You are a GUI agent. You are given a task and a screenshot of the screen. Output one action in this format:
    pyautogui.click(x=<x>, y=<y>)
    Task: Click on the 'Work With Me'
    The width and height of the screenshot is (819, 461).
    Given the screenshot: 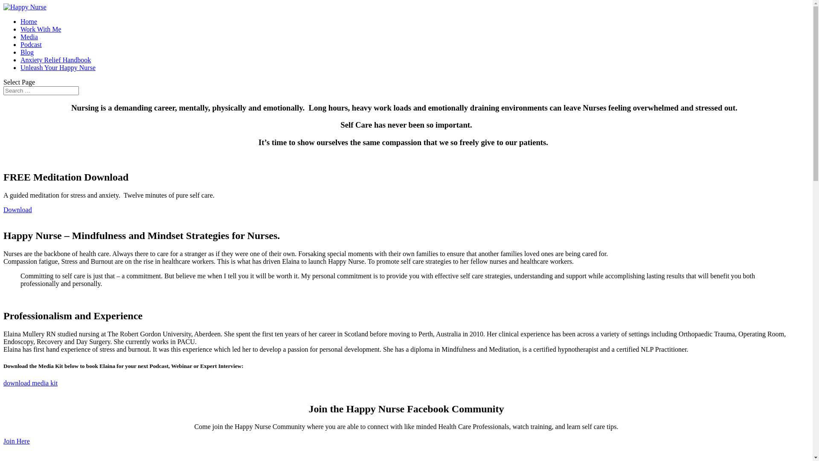 What is the action you would take?
    pyautogui.click(x=41, y=29)
    